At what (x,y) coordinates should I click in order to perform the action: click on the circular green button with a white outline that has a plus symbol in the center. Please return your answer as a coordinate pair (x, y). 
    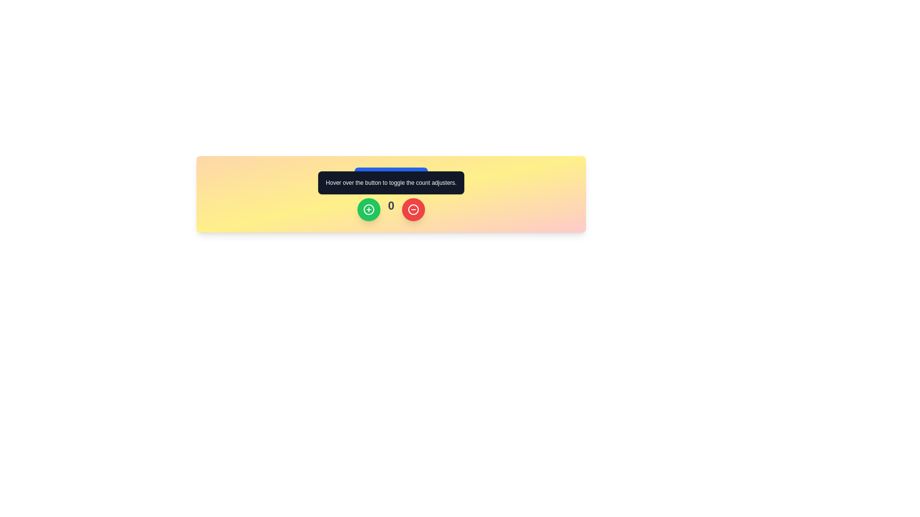
    Looking at the image, I should click on (368, 209).